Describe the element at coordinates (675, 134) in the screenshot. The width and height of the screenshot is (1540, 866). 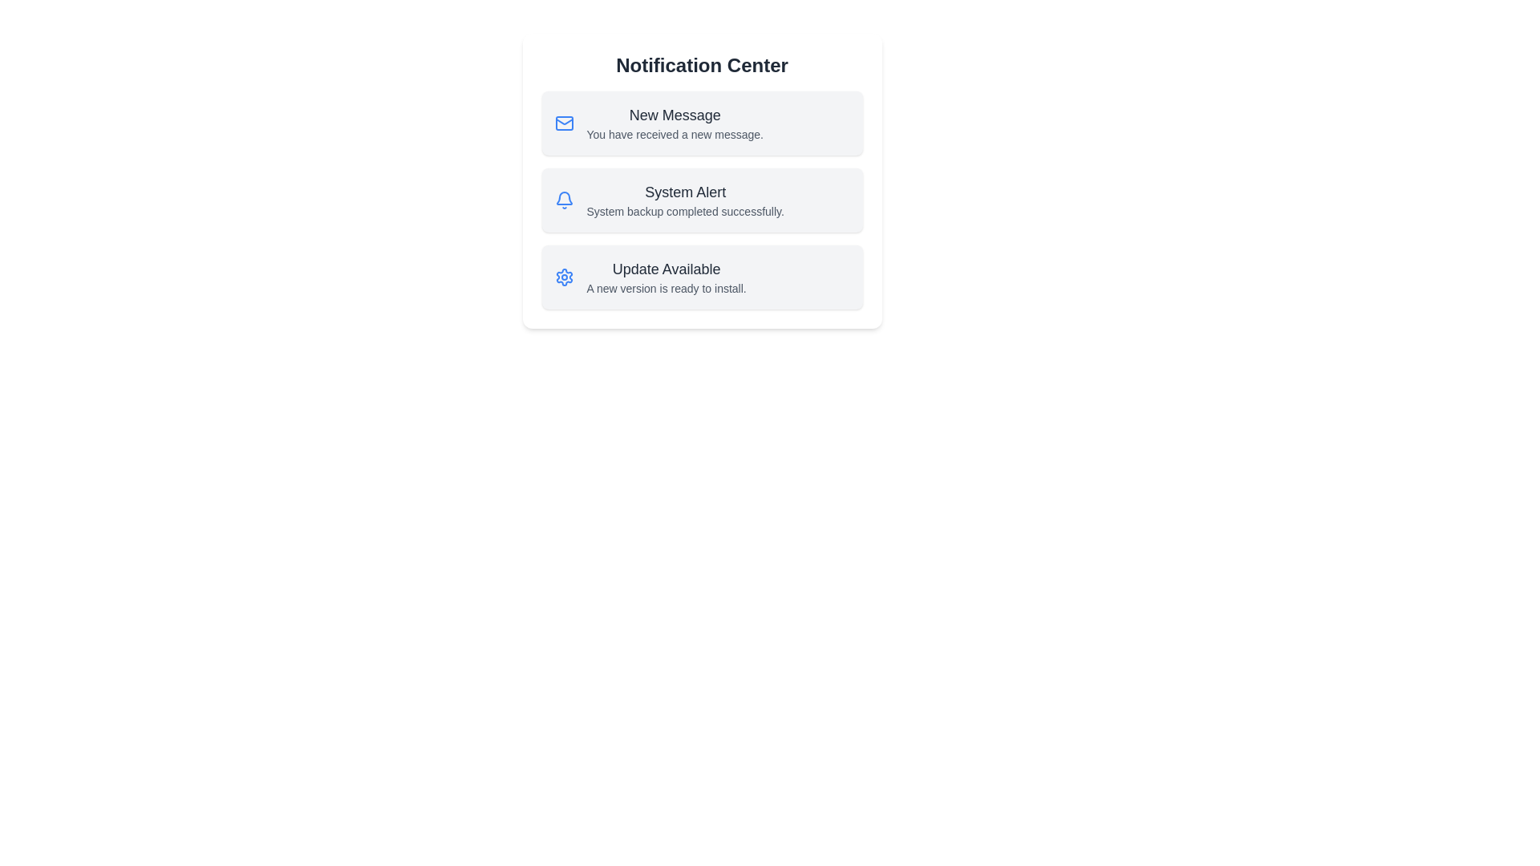
I see `the text providing additional context related to the notification titled 'New Message', which is located directly below the 'New Message' title in the notification box` at that location.